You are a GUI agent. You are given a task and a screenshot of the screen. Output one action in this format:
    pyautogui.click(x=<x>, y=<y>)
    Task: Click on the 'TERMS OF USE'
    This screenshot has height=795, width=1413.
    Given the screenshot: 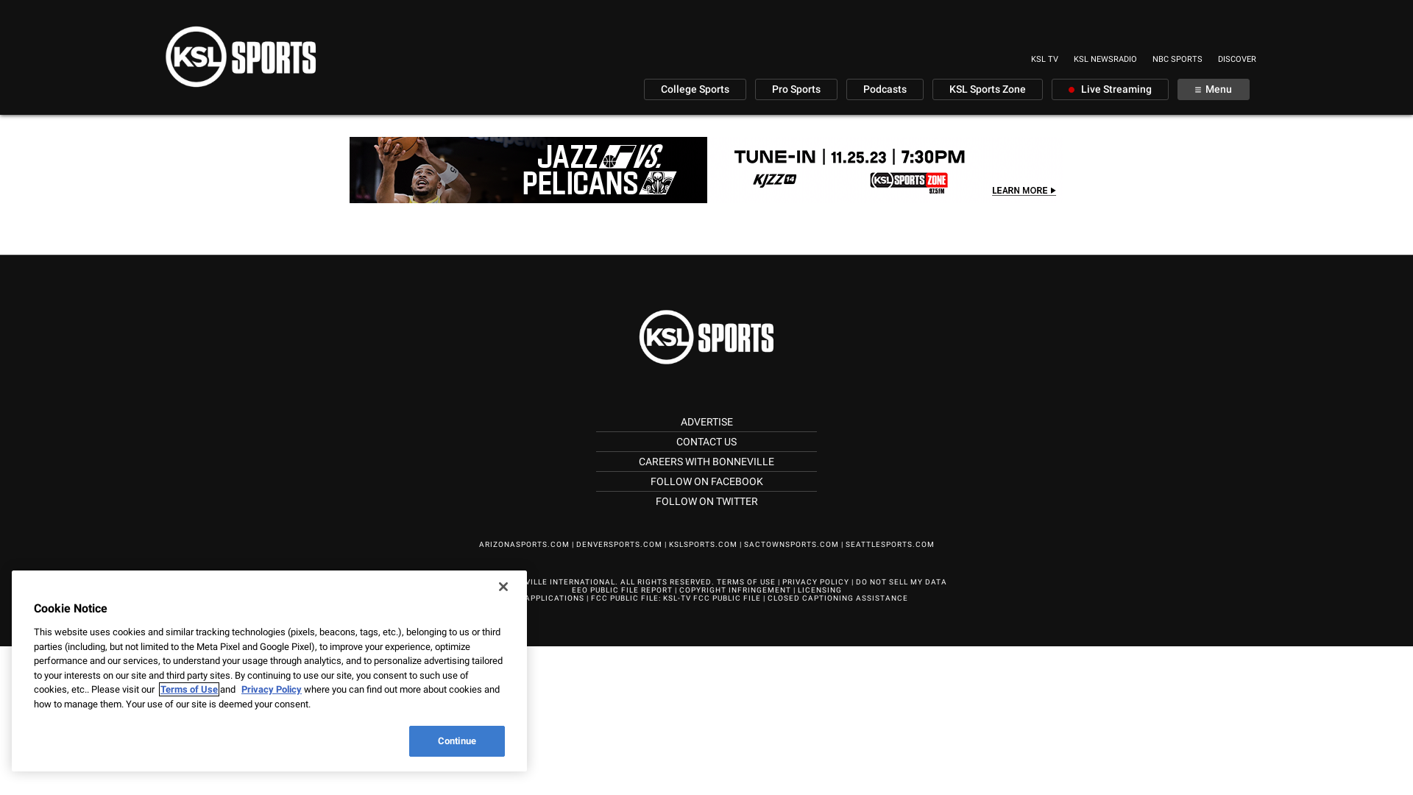 What is the action you would take?
    pyautogui.click(x=746, y=581)
    